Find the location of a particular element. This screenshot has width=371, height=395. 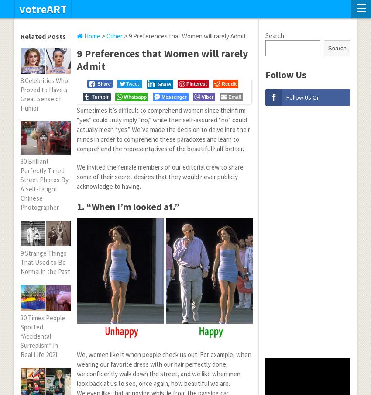

'1. “When I’m looked at.”' is located at coordinates (127, 205).